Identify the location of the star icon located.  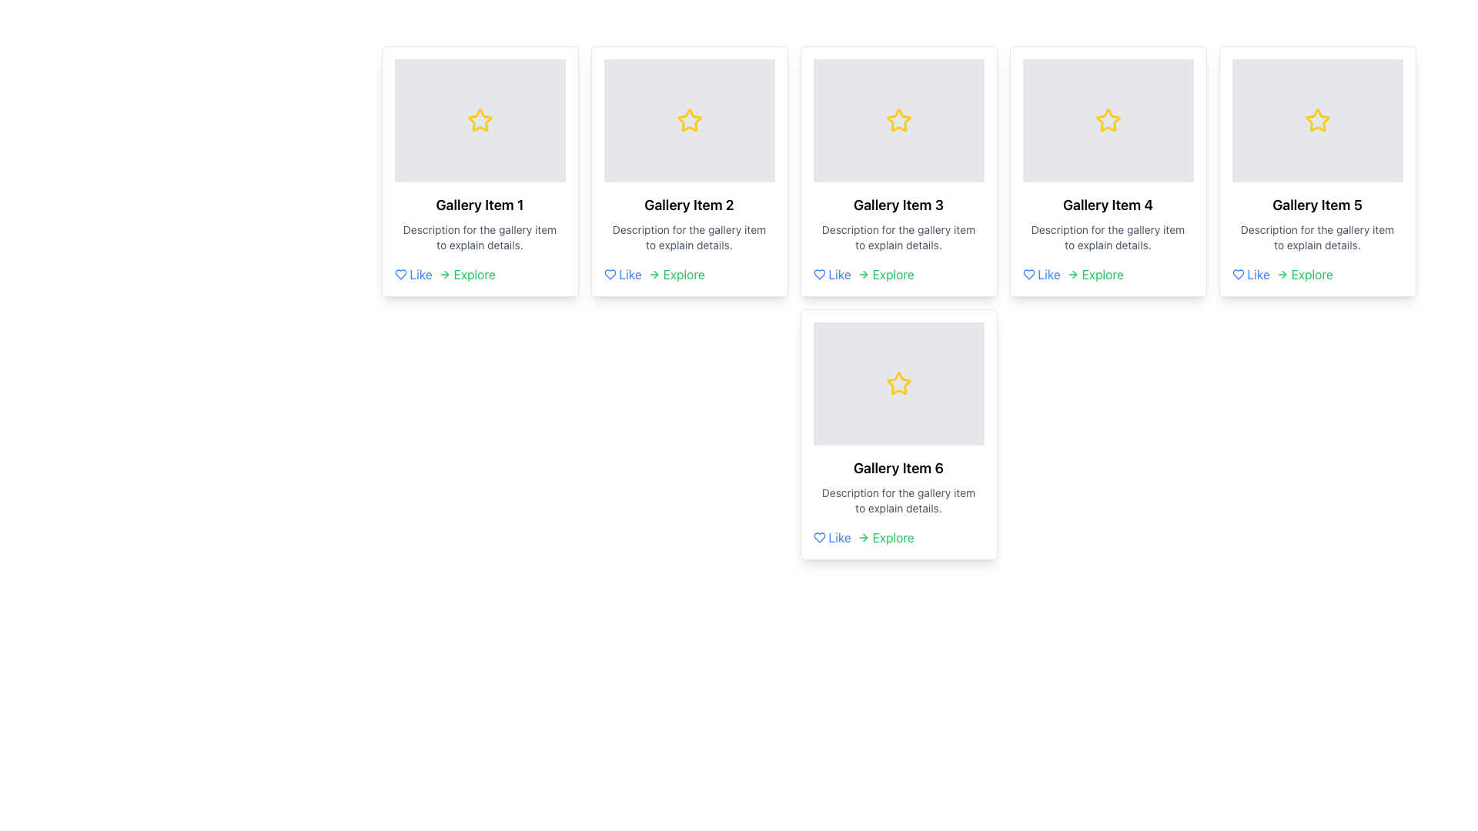
(1107, 120).